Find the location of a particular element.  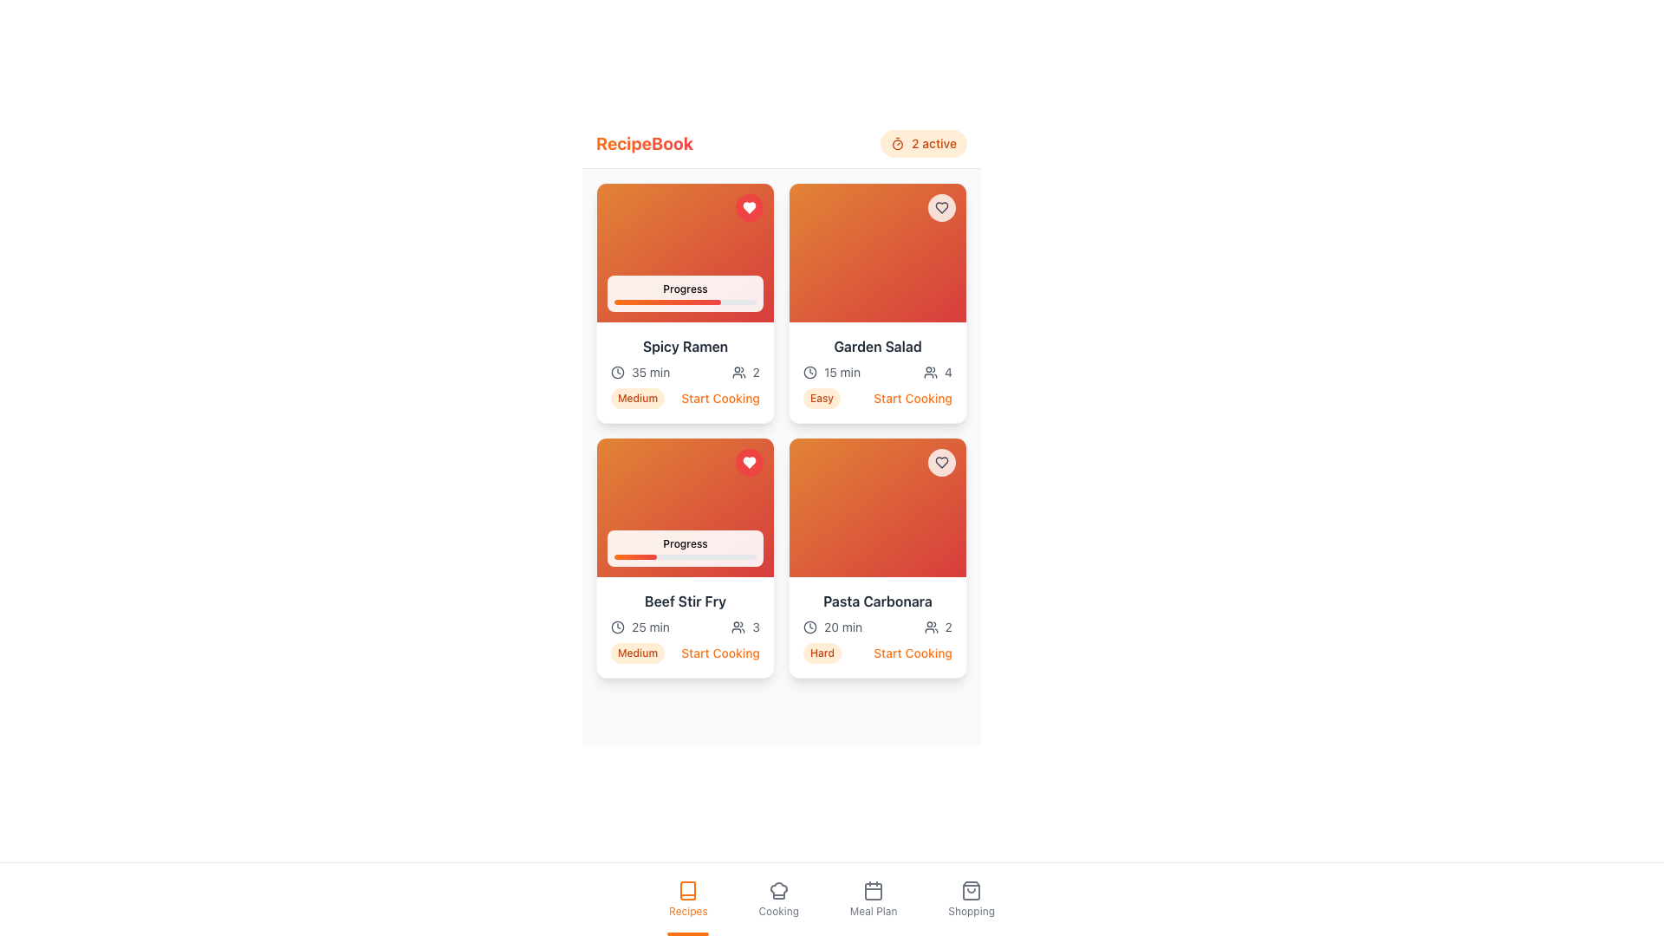

the hyperlink located at the bottom-right corner of the 'Beef Stir Fry' card is located at coordinates (720, 653).